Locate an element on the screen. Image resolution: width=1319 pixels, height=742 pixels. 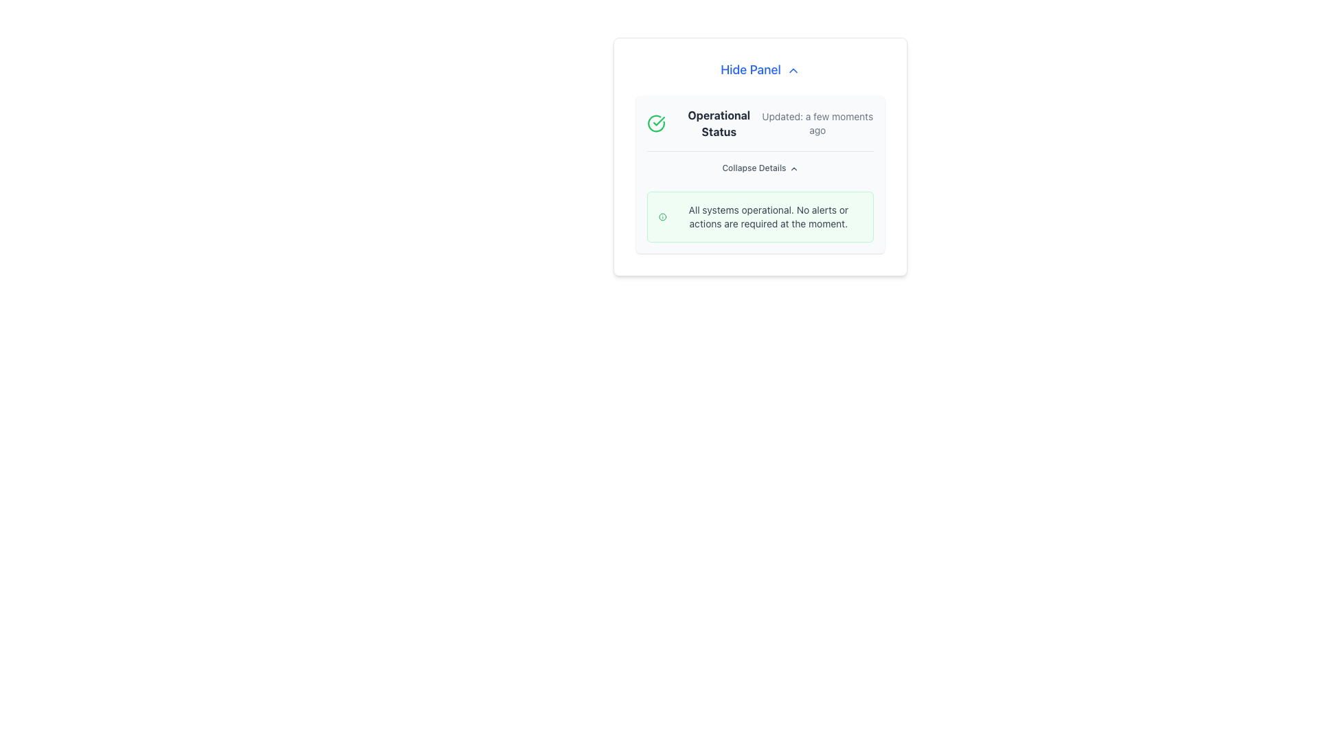
the text label indicating operational status, which is styled in small-sized gray text within a green-bordered rectangular box is located at coordinates (767, 216).